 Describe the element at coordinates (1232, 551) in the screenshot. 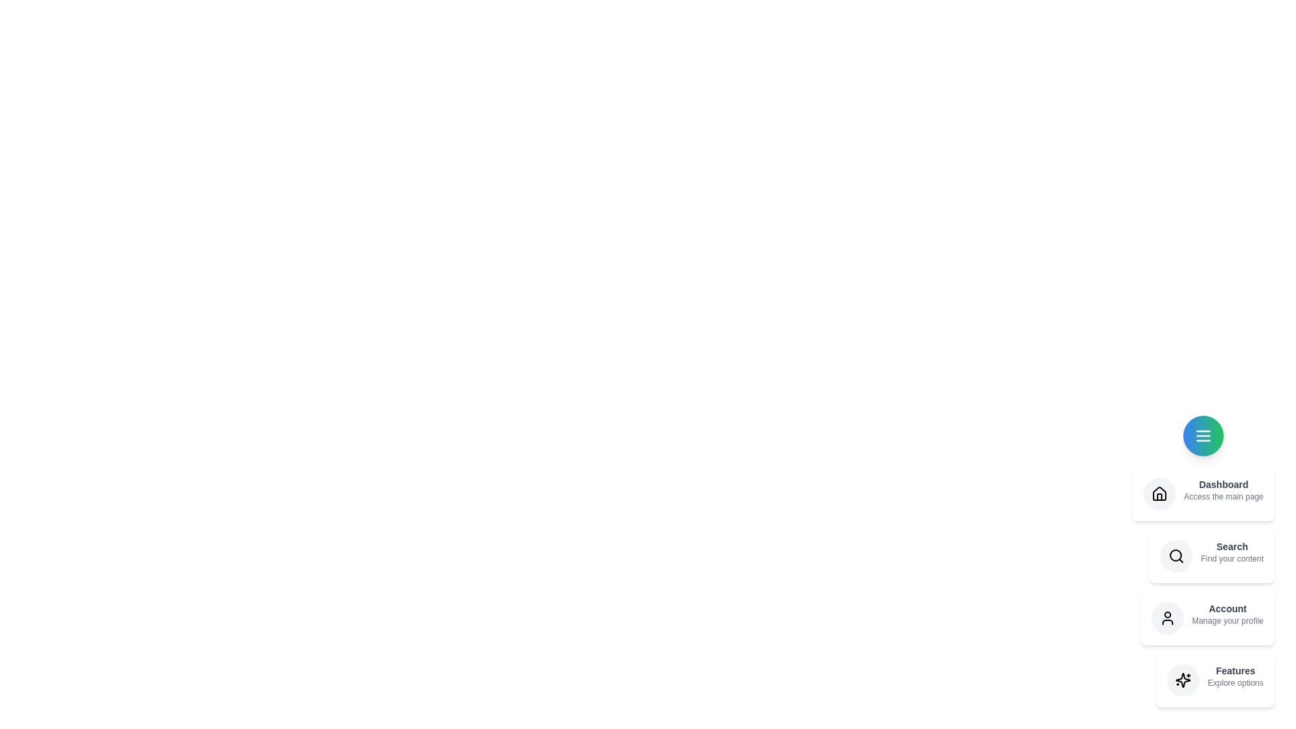

I see `the description of the menu item labeled Search` at that location.